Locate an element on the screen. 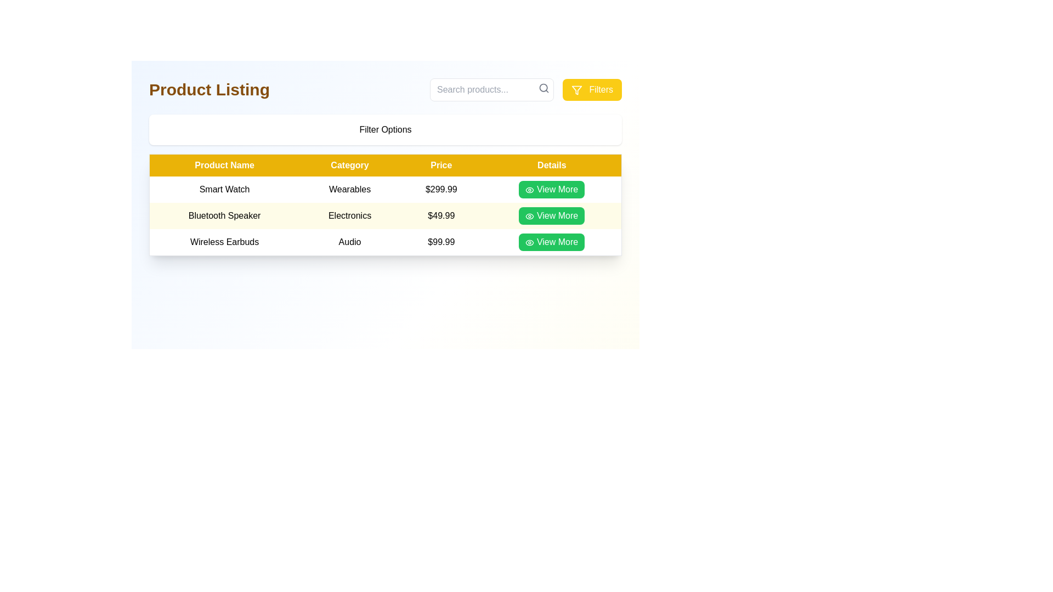 The image size is (1053, 592). the 'Filter Options' text label, which is a bold black header located centrally in the layout area, positioned below the 'Product Listing' title is located at coordinates (385, 129).